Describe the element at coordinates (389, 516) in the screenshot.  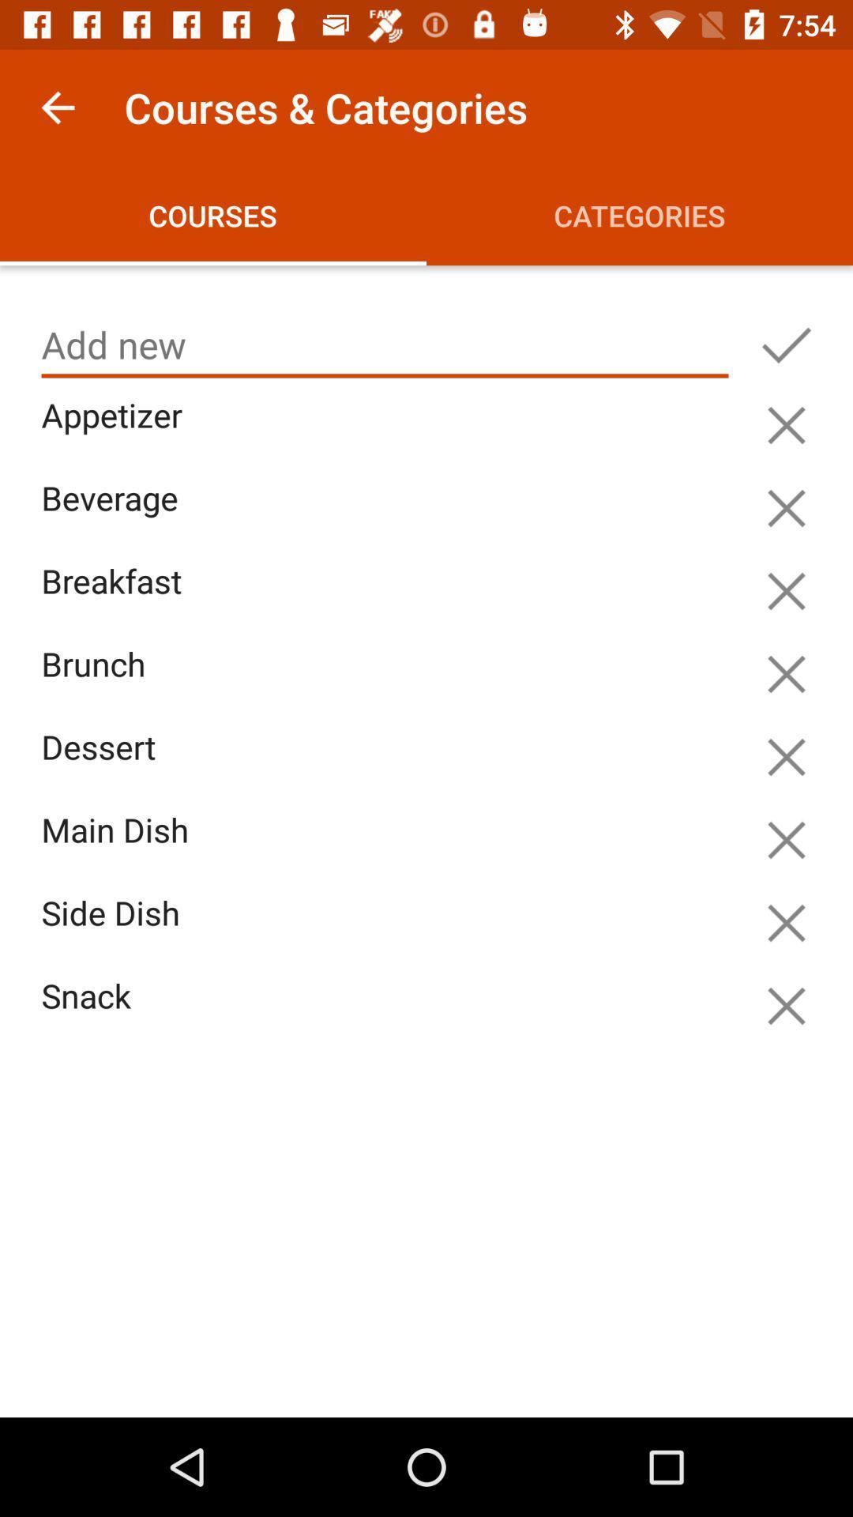
I see `item below the appetizer item` at that location.